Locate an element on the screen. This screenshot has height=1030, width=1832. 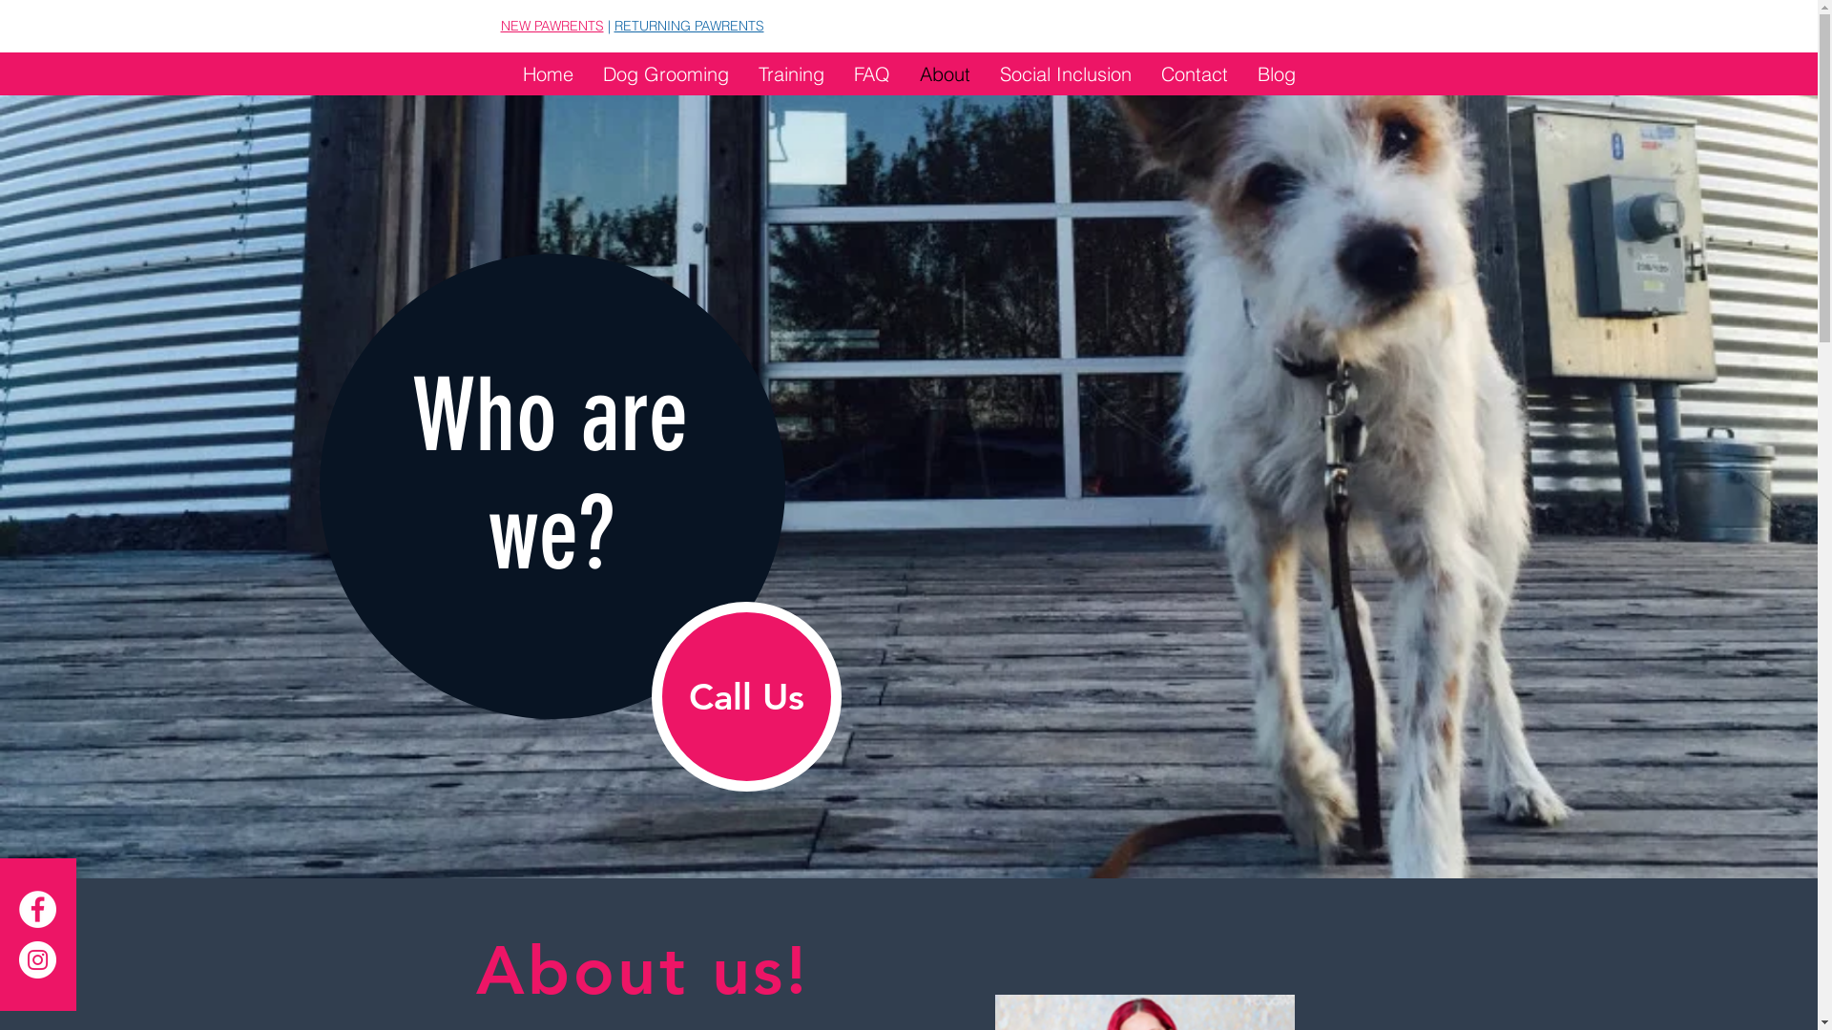
'Contact' is located at coordinates (1193, 72).